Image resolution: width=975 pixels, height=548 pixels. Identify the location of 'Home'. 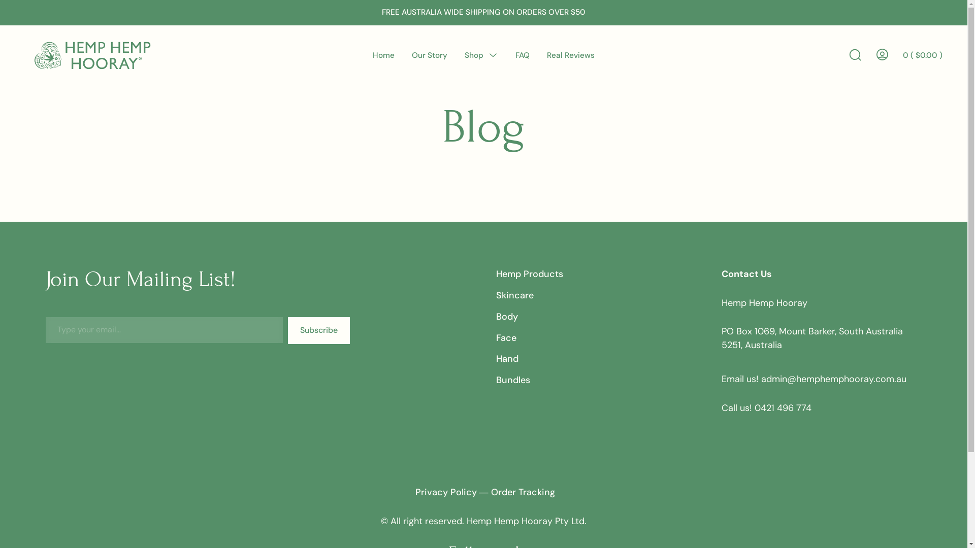
(383, 55).